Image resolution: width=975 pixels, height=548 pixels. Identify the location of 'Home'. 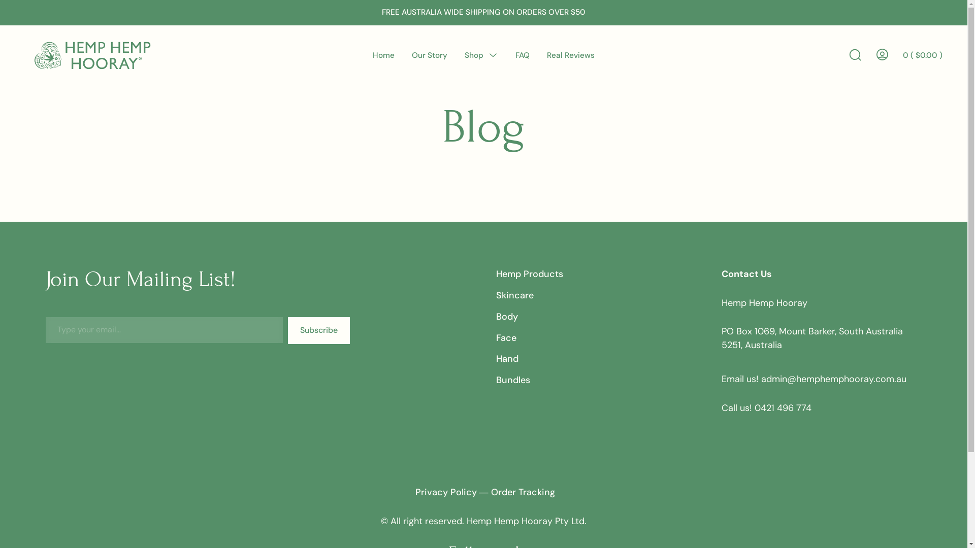
(383, 55).